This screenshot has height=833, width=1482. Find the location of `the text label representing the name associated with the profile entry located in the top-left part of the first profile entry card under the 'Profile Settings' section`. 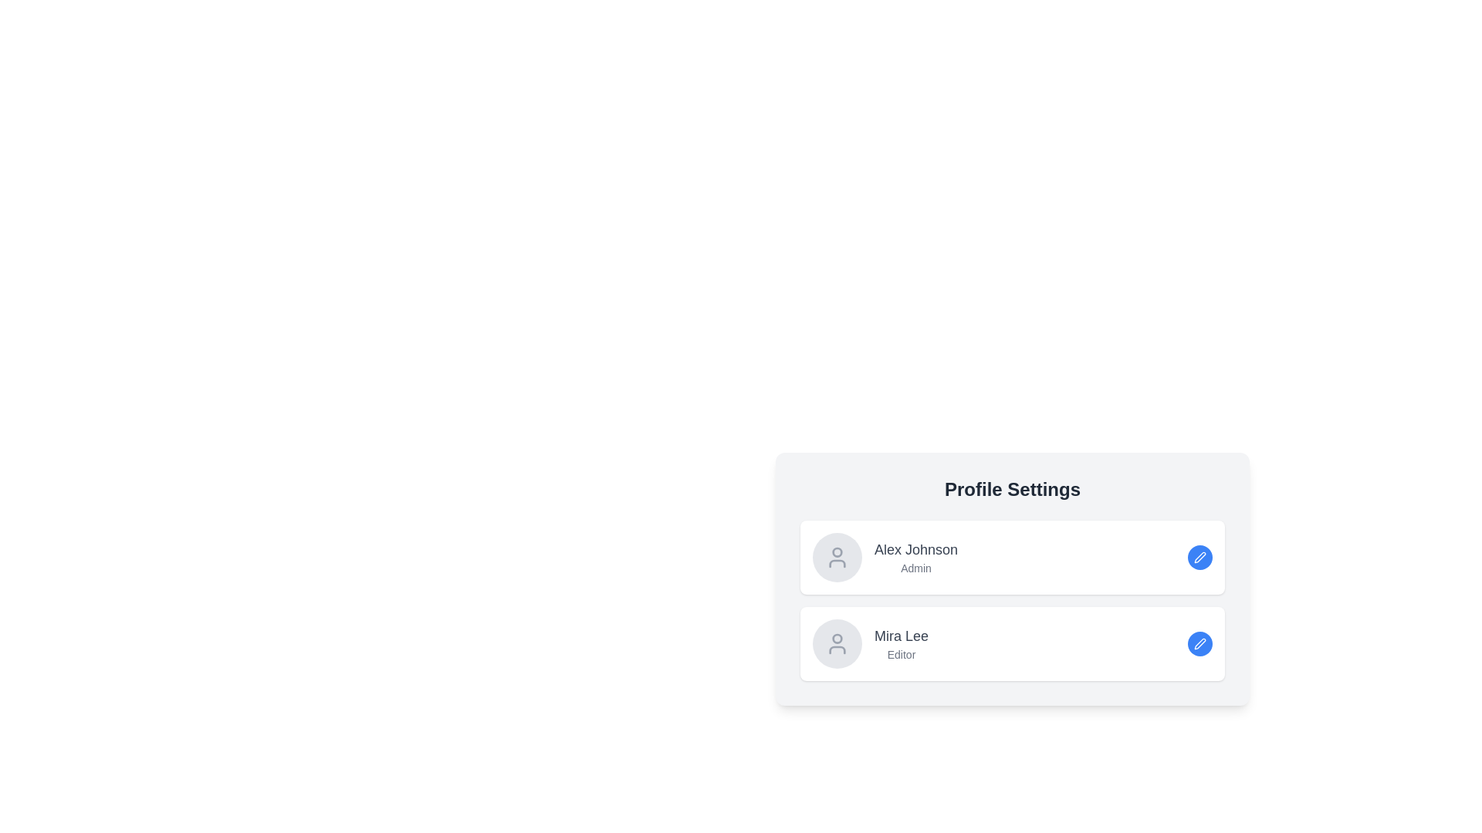

the text label representing the name associated with the profile entry located in the top-left part of the first profile entry card under the 'Profile Settings' section is located at coordinates (915, 549).